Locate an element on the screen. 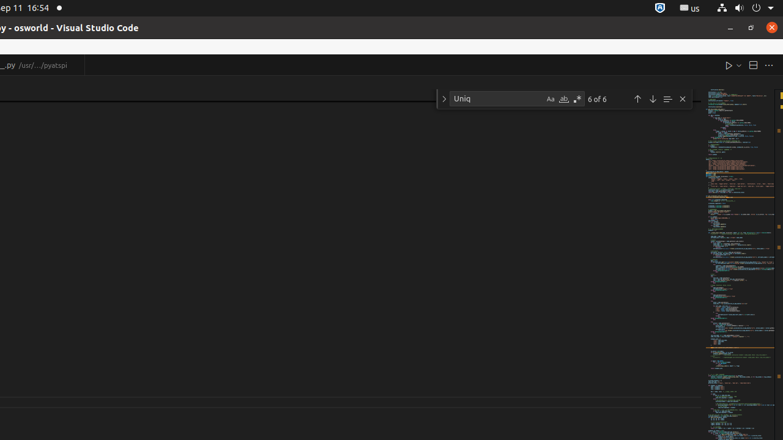  'Close (Escape)' is located at coordinates (682, 98).